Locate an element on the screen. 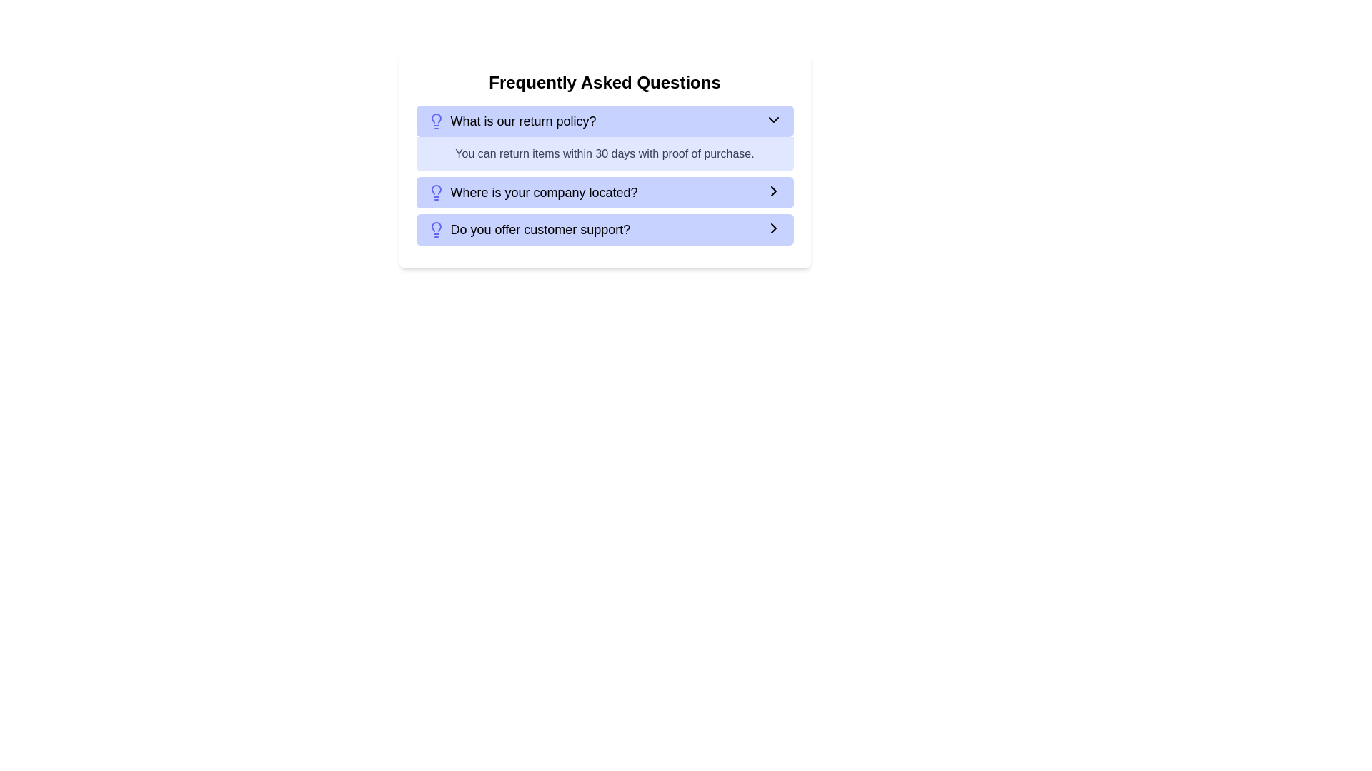  the third interactive collapsible FAQ row located below the question 'Where is your company located?' is located at coordinates (605, 228).